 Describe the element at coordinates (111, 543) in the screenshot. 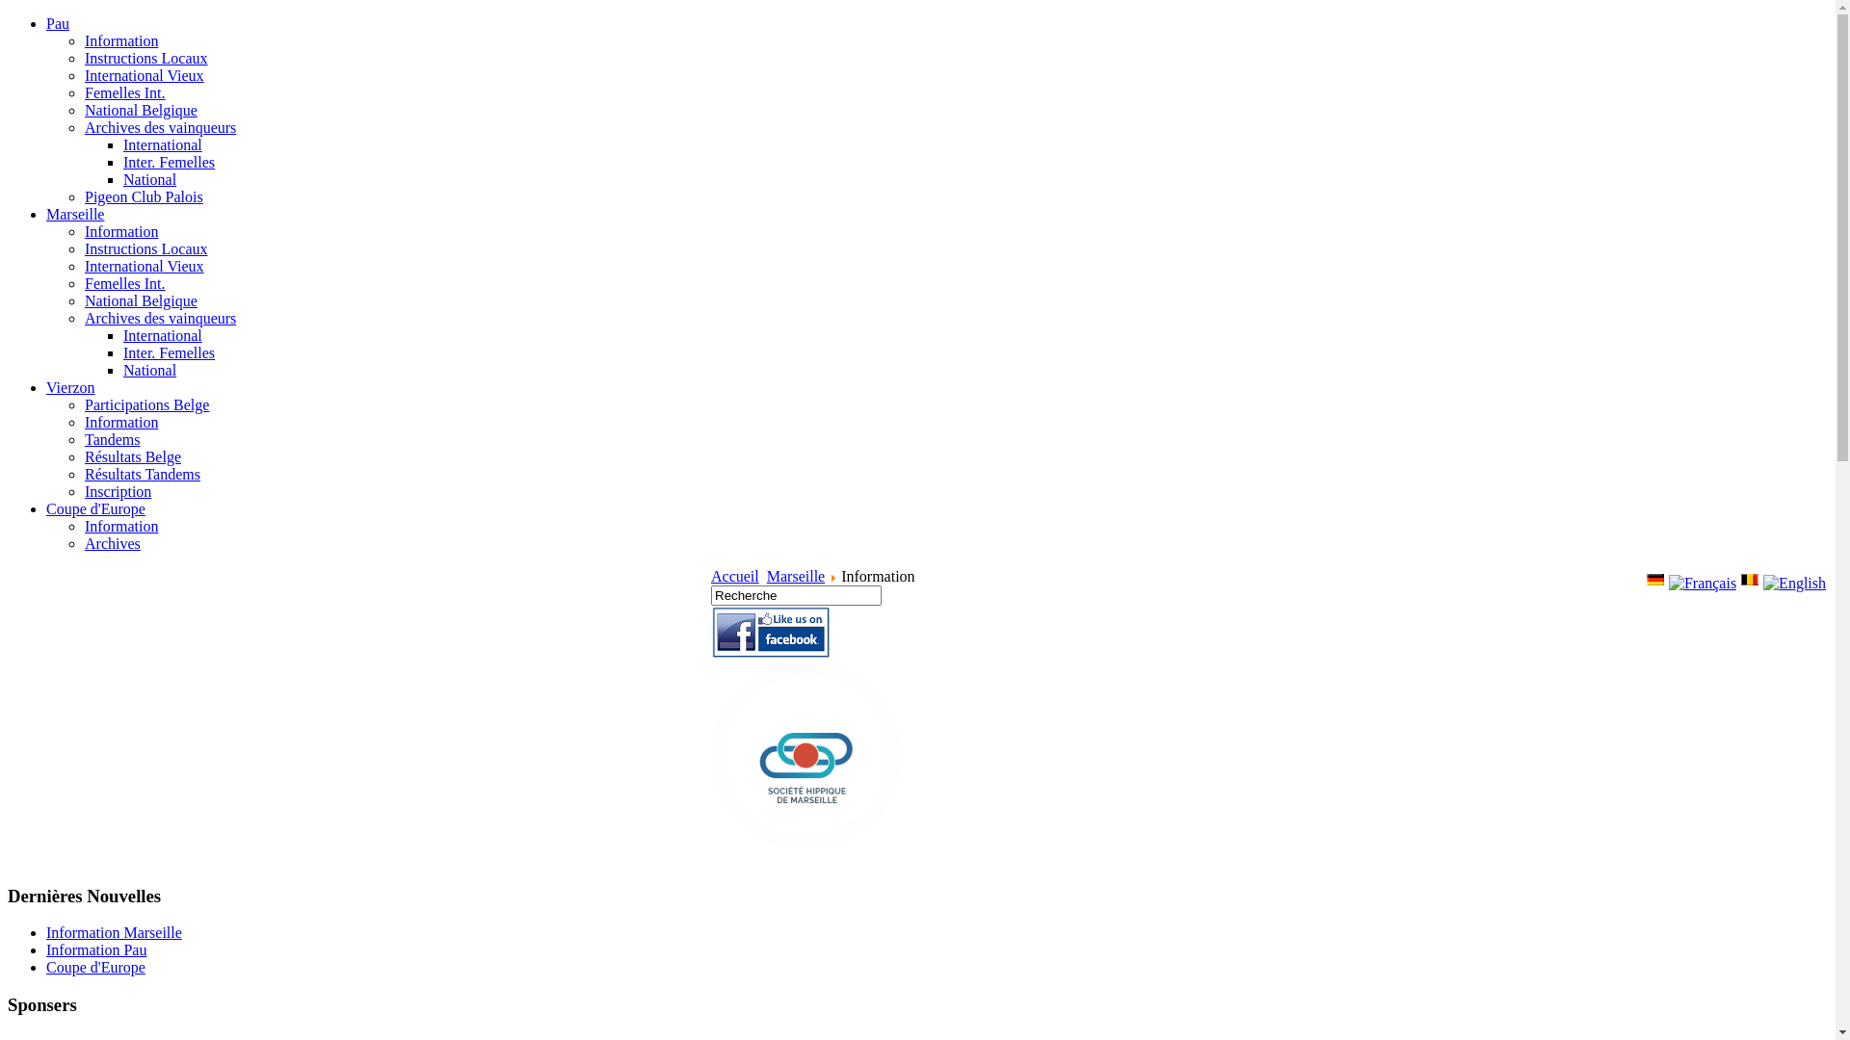

I see `'Archives'` at that location.